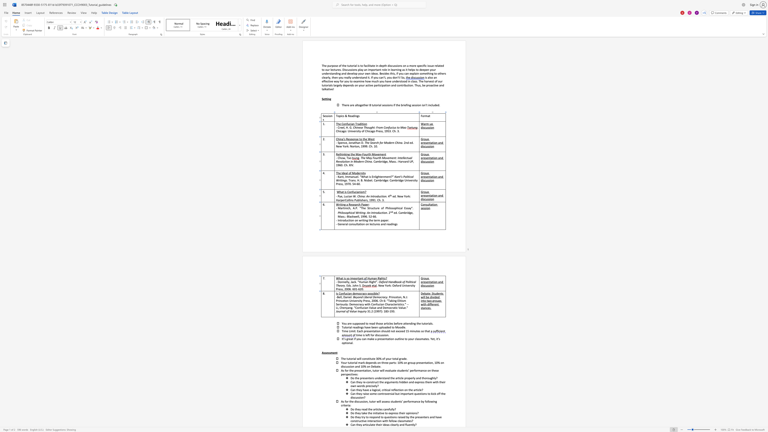 The height and width of the screenshot is (432, 768). Describe the element at coordinates (353, 282) in the screenshot. I see `the space between the continuous character "a" and "c" in the text` at that location.